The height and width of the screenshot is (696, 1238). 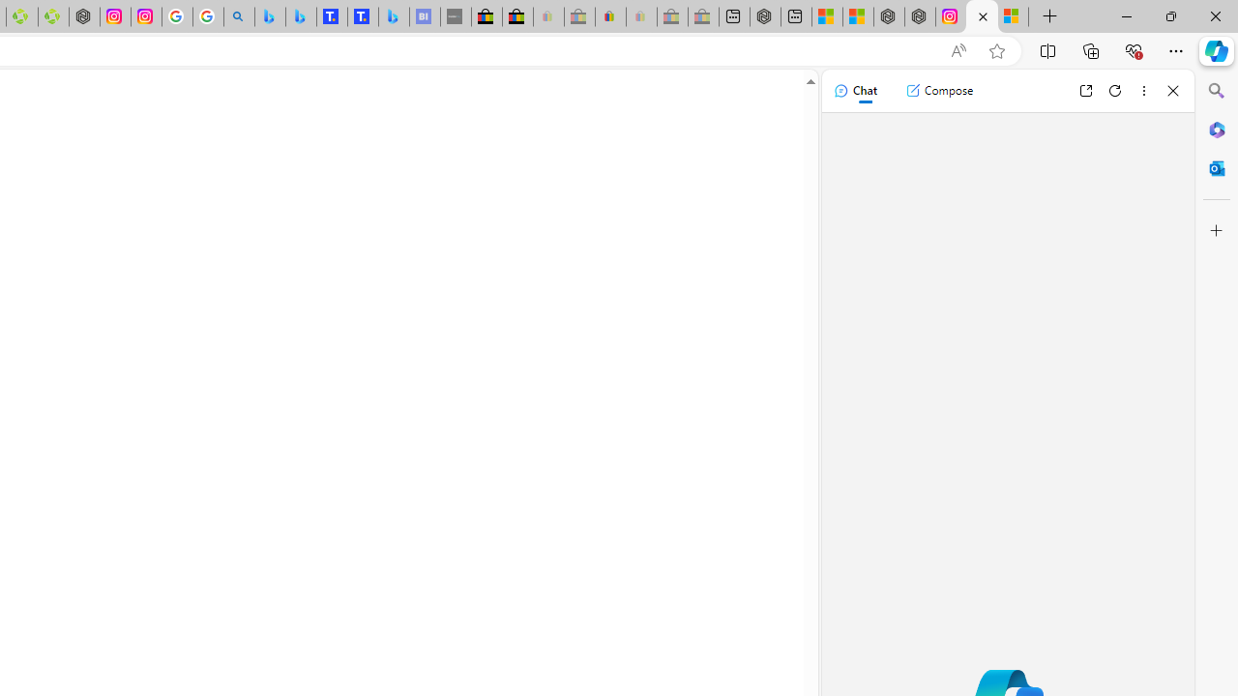 I want to click on 'Open link in new tab', so click(x=1085, y=90).